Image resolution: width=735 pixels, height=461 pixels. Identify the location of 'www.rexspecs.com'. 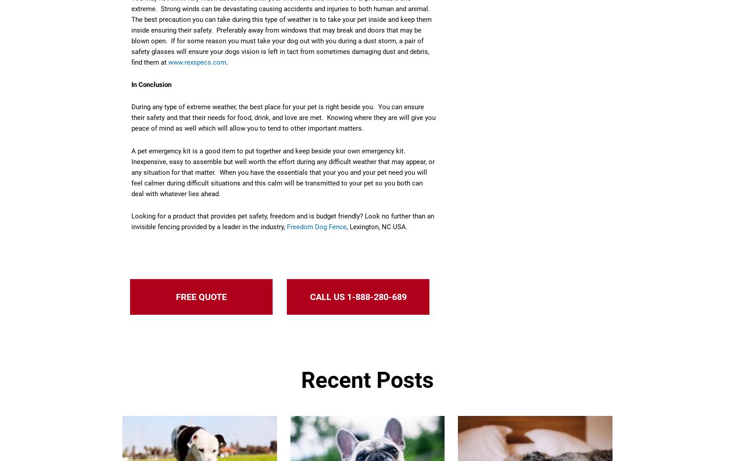
(197, 62).